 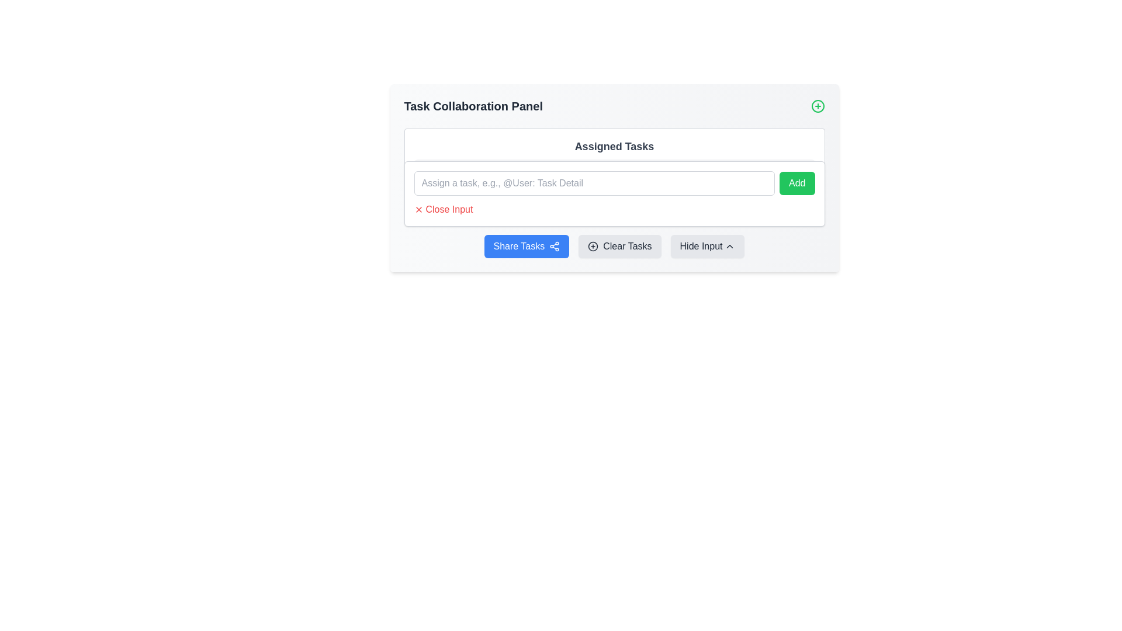 I want to click on the centrally located 'Clear Tasks' button, which is positioned between the 'Share Tasks' button on the left and the 'Hide Input' button on the right, so click(x=619, y=245).